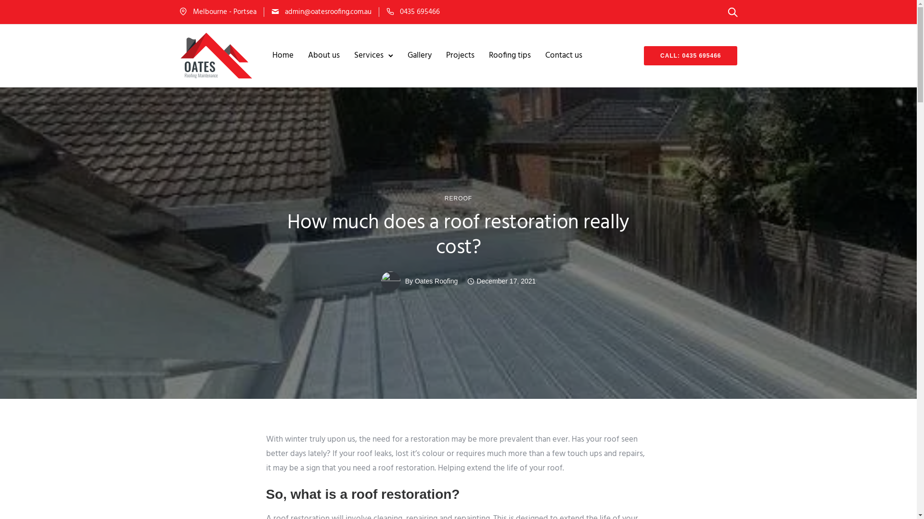 The image size is (924, 519). I want to click on 'Roofing tips', so click(509, 55).